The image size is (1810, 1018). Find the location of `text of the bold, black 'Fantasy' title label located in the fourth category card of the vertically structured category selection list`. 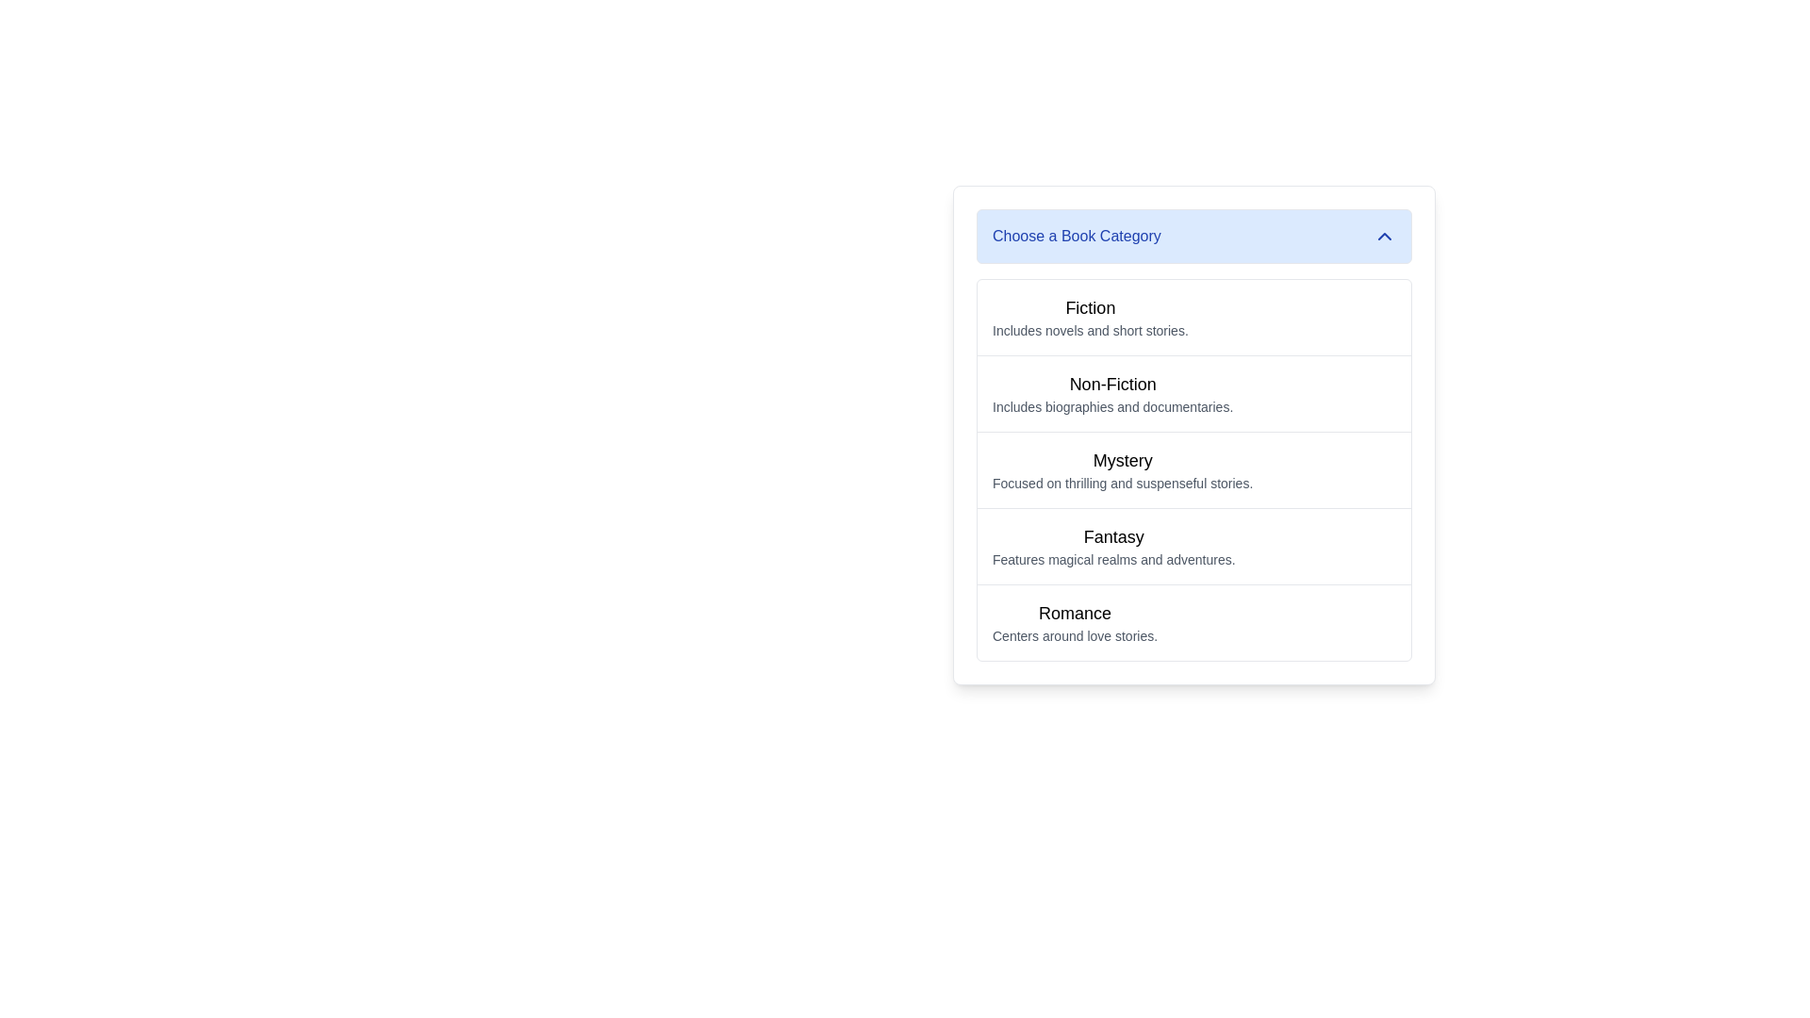

text of the bold, black 'Fantasy' title label located in the fourth category card of the vertically structured category selection list is located at coordinates (1113, 537).